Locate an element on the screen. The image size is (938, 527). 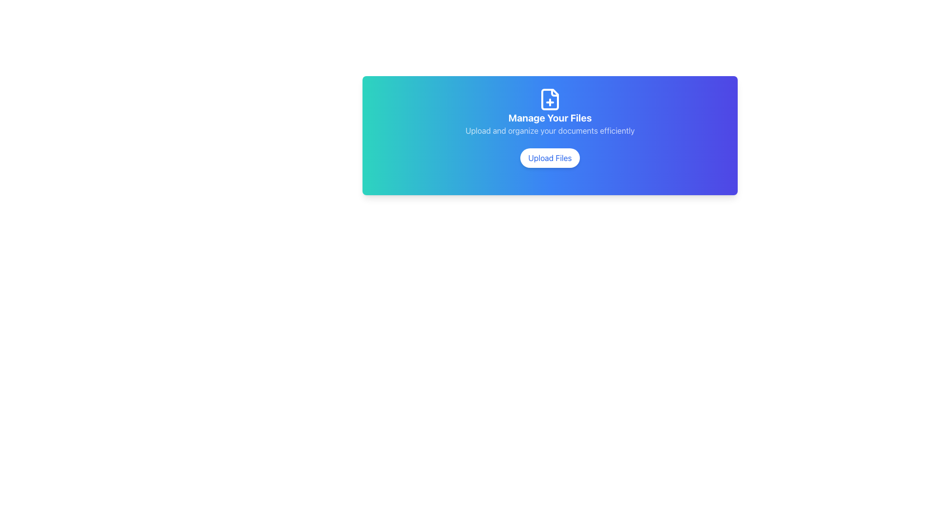
the text element that reads 'Upload and organize your documents efficiently', which is styled with white color and semi-transparency, located below 'Manage Your Files' is located at coordinates (550, 130).